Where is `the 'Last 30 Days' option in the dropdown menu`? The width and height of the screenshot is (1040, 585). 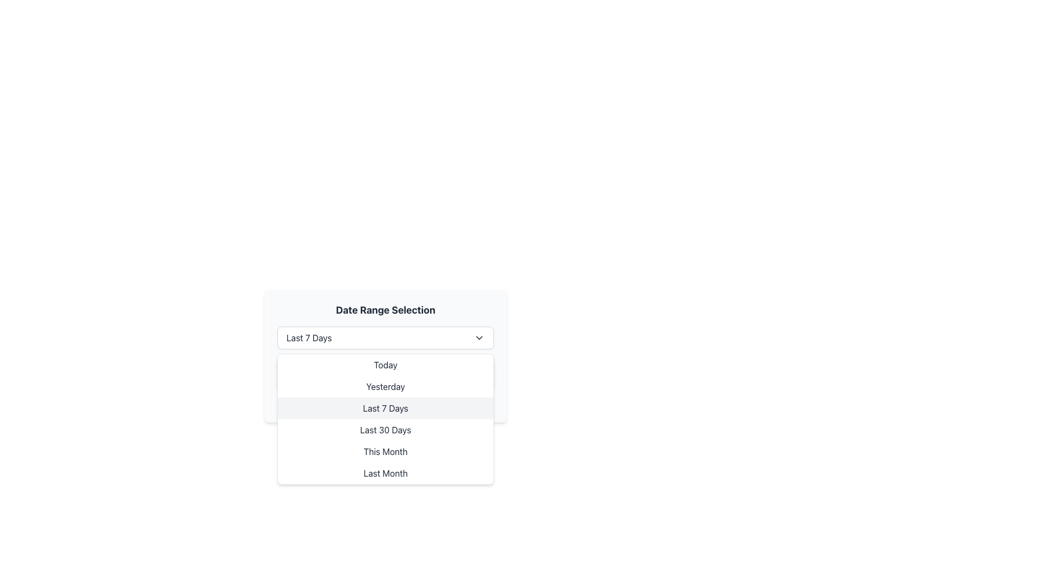
the 'Last 30 Days' option in the dropdown menu is located at coordinates (385, 430).